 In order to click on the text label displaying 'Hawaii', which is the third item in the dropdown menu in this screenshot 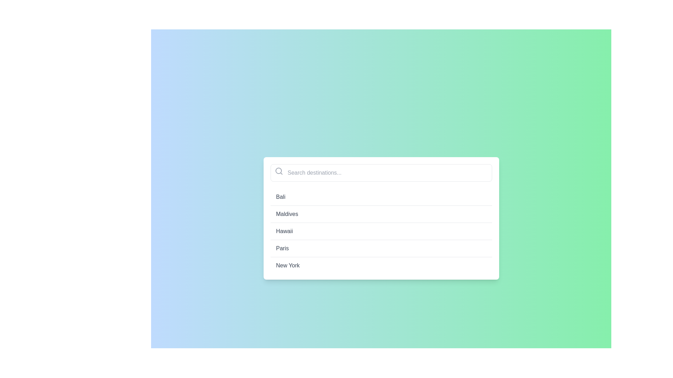, I will do `click(284, 231)`.